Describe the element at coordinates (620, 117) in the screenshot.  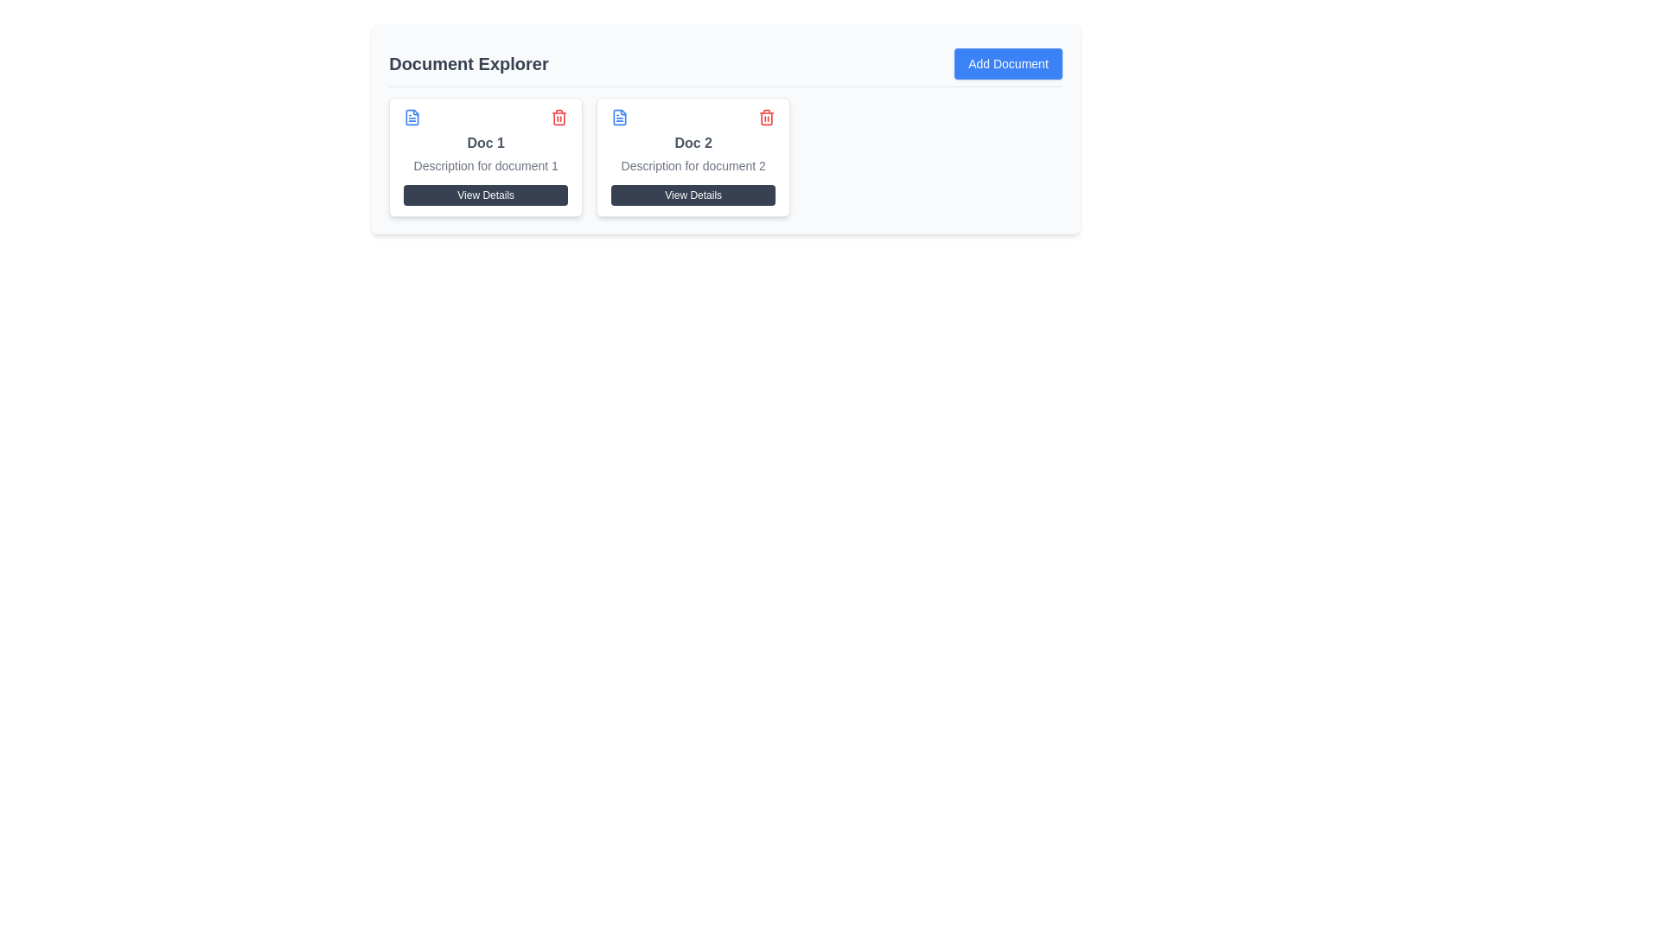
I see `the blue file icon representing the second document ('Doc 2') in the Document Explorer` at that location.